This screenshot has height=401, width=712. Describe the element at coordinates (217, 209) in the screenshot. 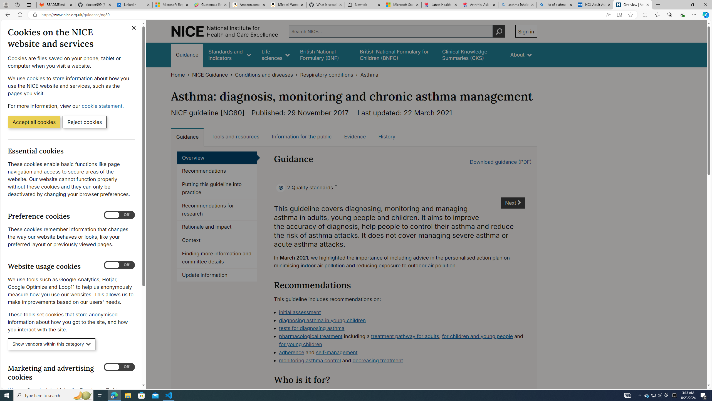

I see `'Recommendations for research'` at that location.